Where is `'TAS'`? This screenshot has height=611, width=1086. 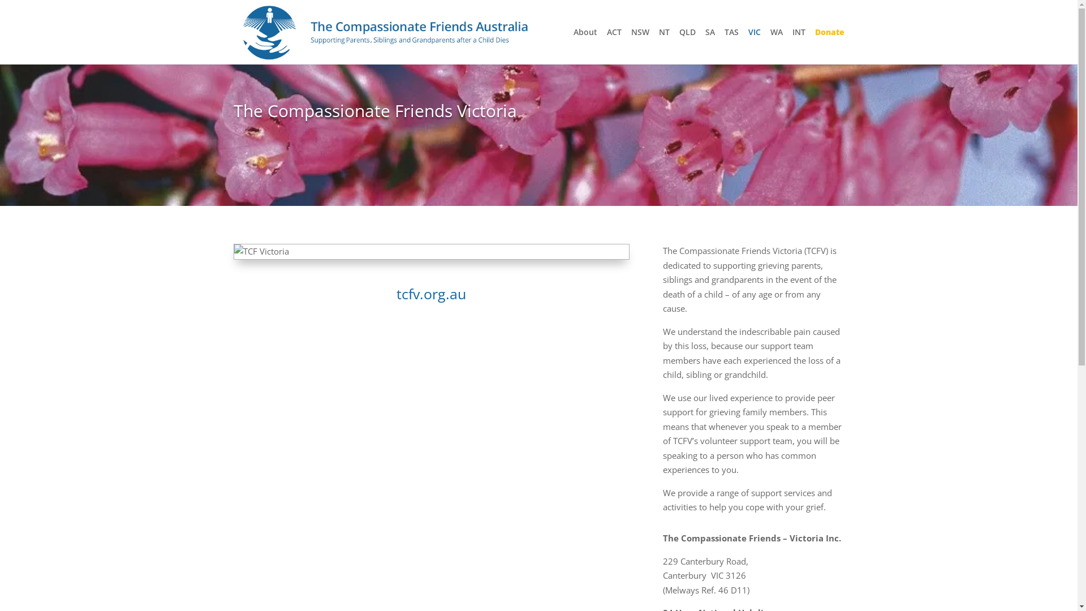 'TAS' is located at coordinates (731, 45).